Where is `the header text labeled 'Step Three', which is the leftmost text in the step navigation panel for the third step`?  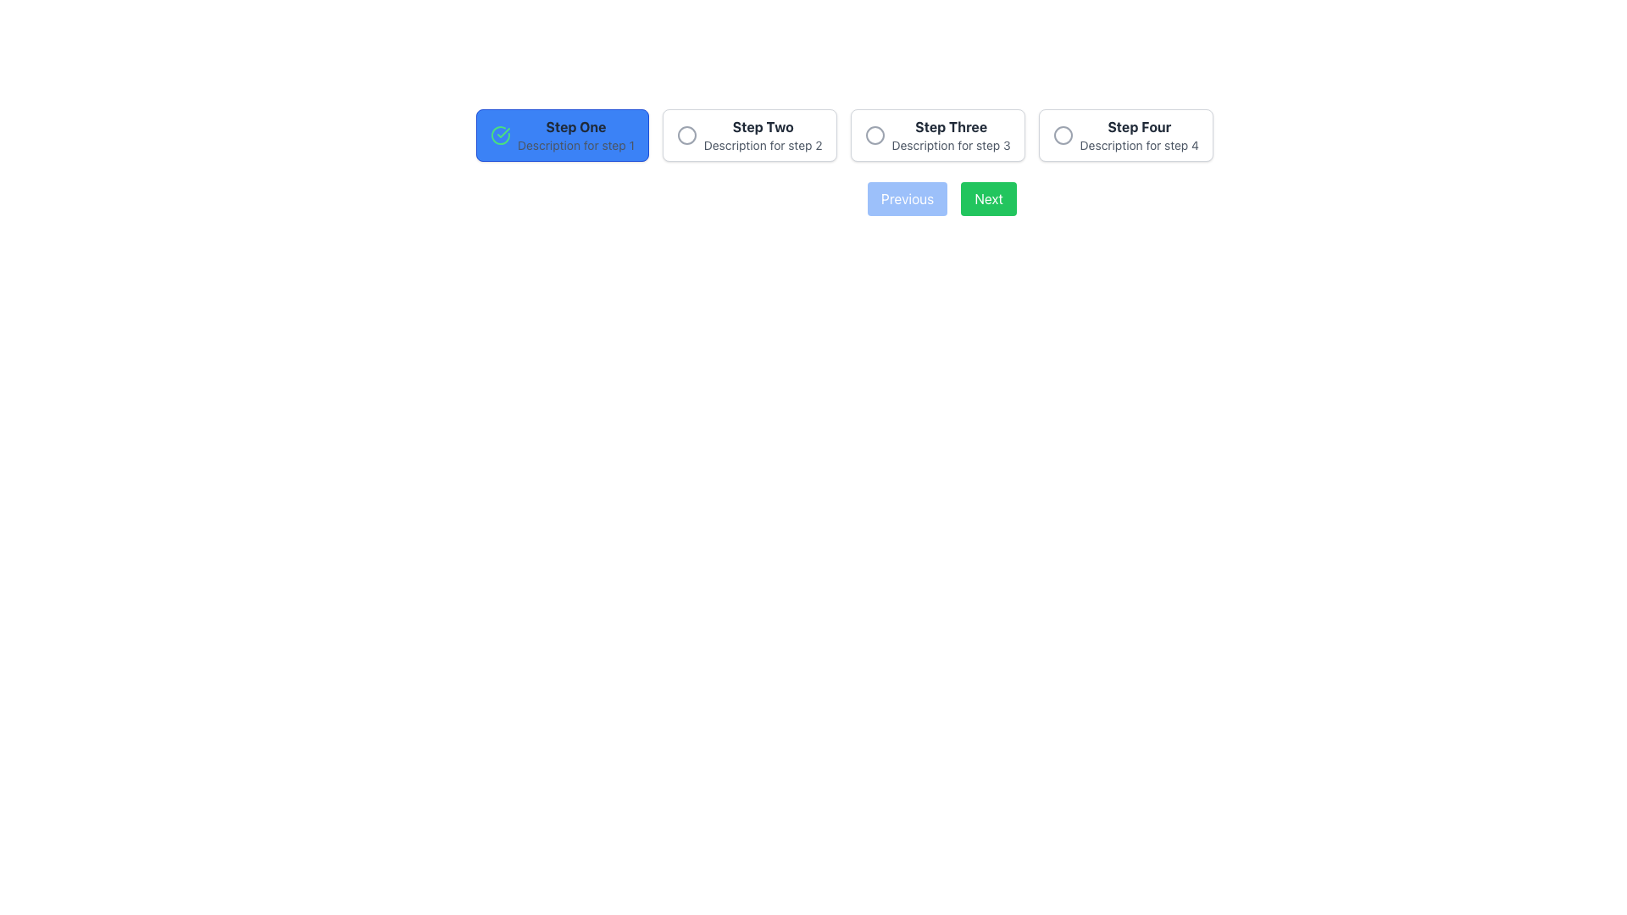 the header text labeled 'Step Three', which is the leftmost text in the step navigation panel for the third step is located at coordinates (951, 126).